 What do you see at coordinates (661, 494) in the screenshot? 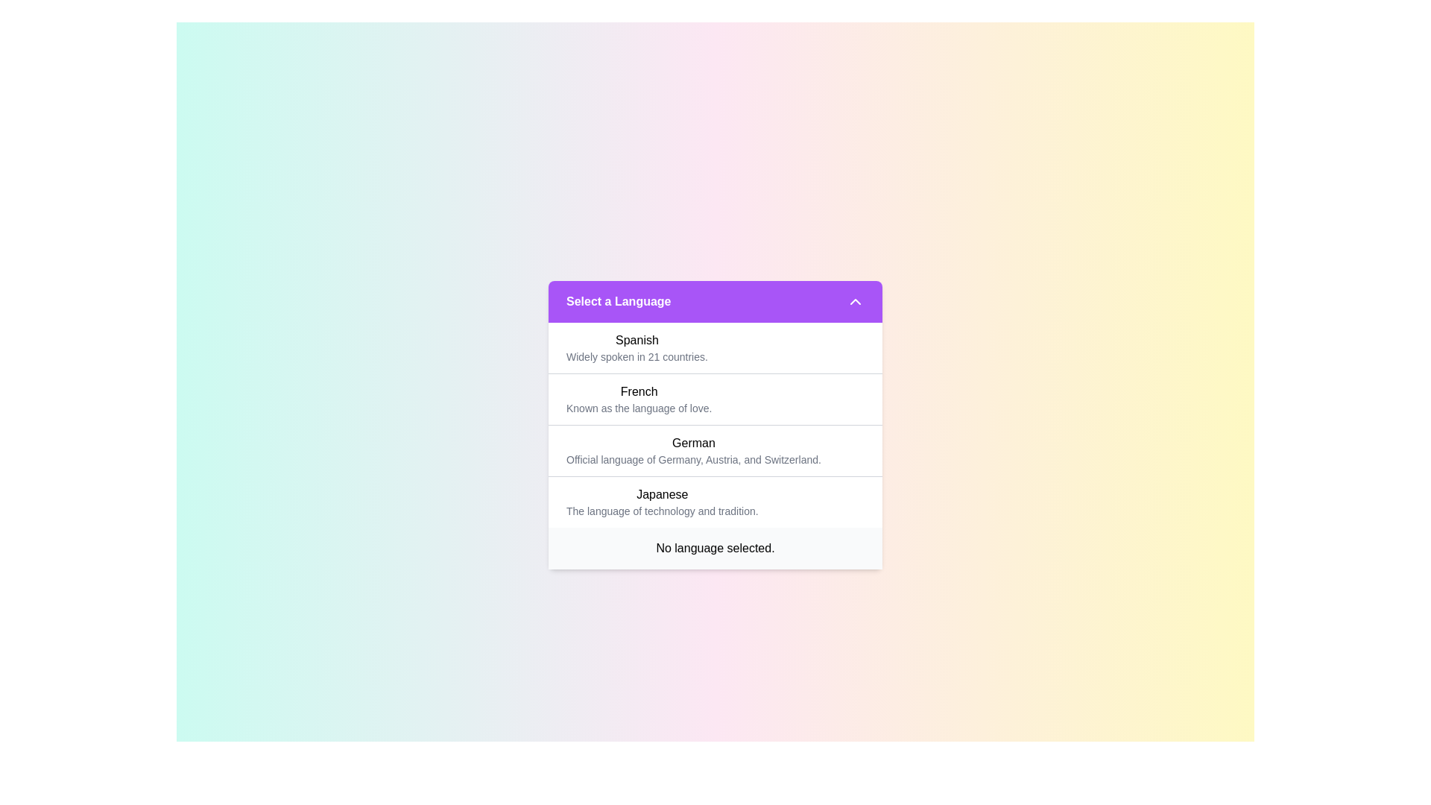
I see `the text label displaying 'Japanese', which is bold and part of a vertical list of selectable options in a dropdown interface` at bounding box center [661, 494].